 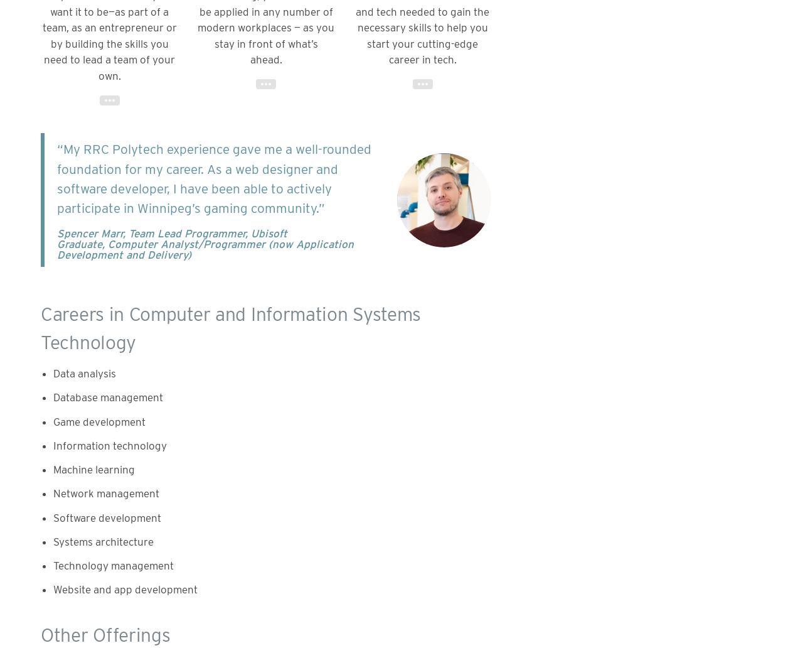 I want to click on 'Machine learning', so click(x=52, y=468).